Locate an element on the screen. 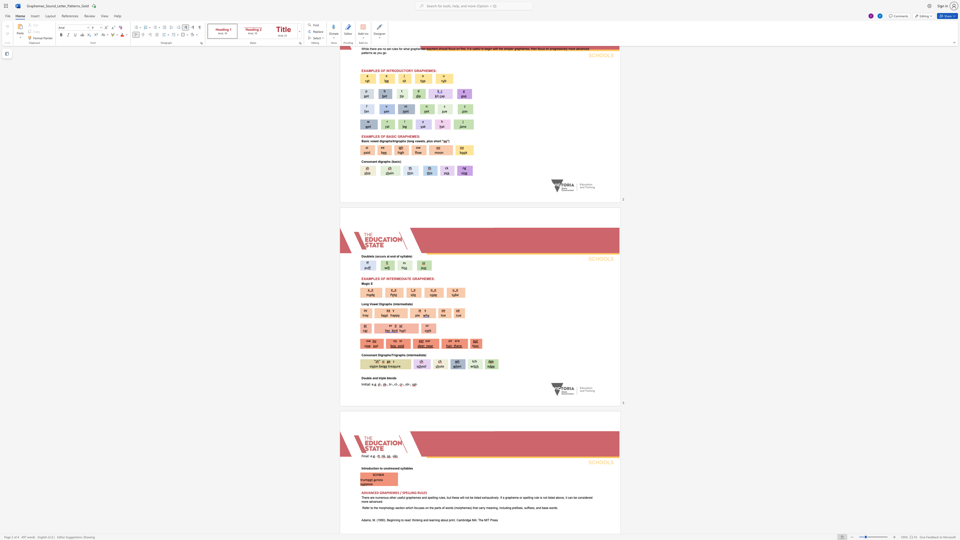  the subset text "ere ar" within the text "There are" is located at coordinates (365, 497).